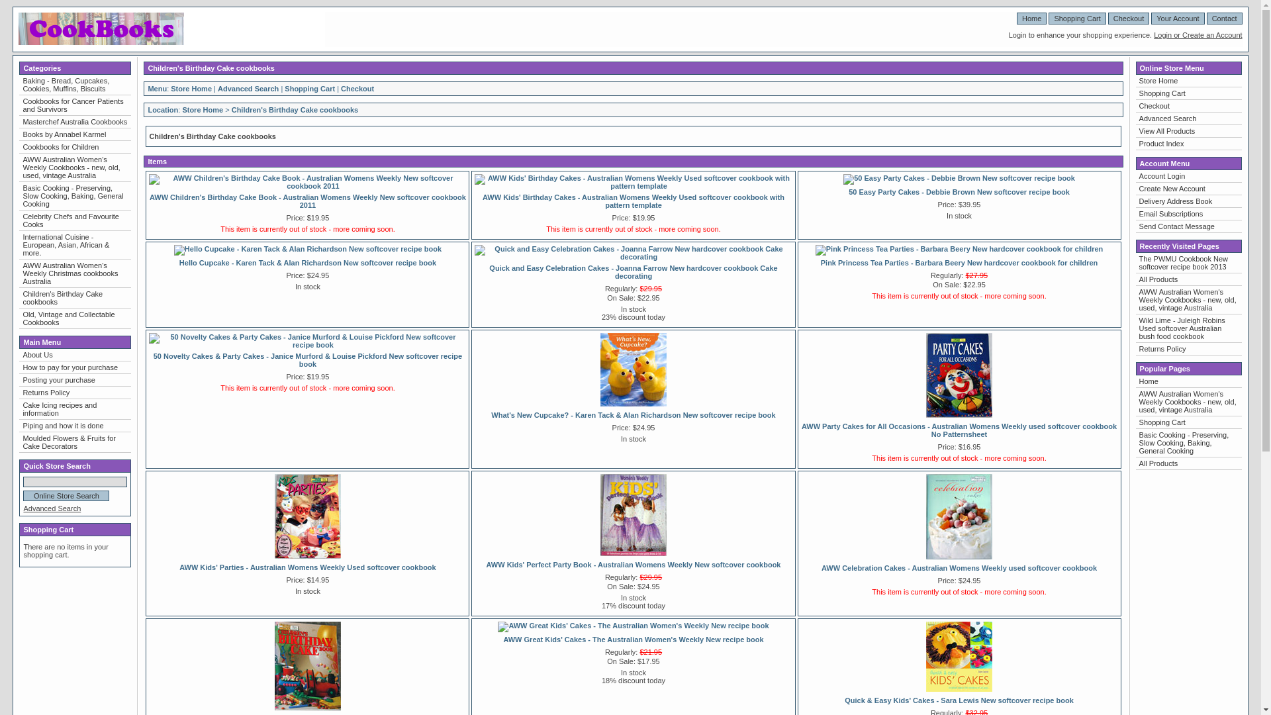 Image resolution: width=1271 pixels, height=715 pixels. What do you see at coordinates (1188, 213) in the screenshot?
I see `'Email Subscriptions'` at bounding box center [1188, 213].